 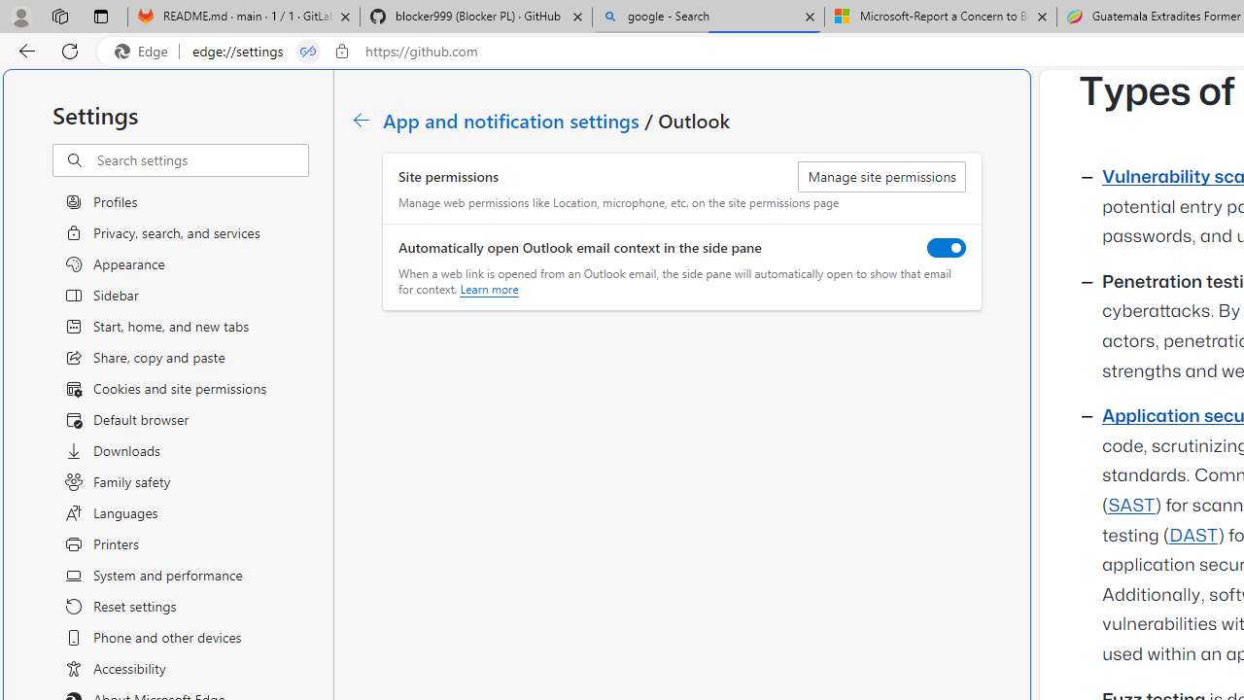 What do you see at coordinates (307, 51) in the screenshot?
I see `'Tabs in split screen'` at bounding box center [307, 51].